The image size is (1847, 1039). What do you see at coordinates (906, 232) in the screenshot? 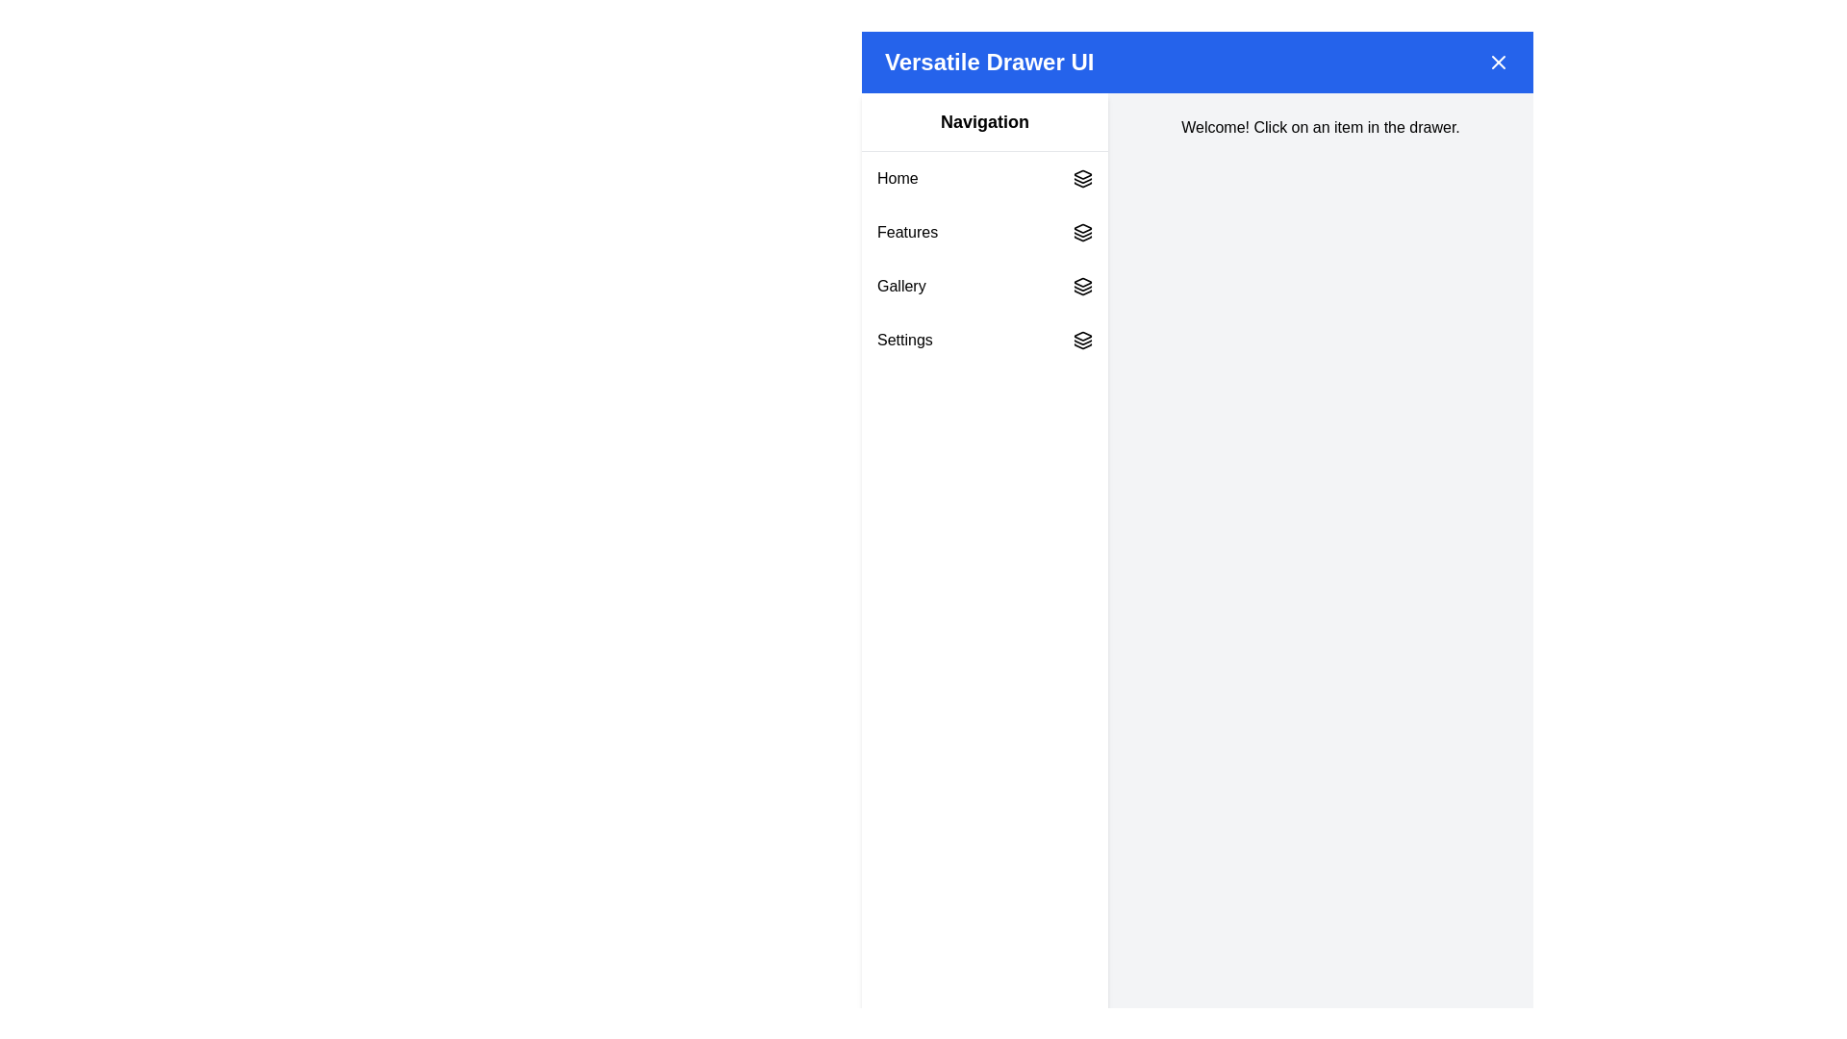
I see `the static text label displaying 'Features' in the navigation menu on the left side of the interface` at bounding box center [906, 232].